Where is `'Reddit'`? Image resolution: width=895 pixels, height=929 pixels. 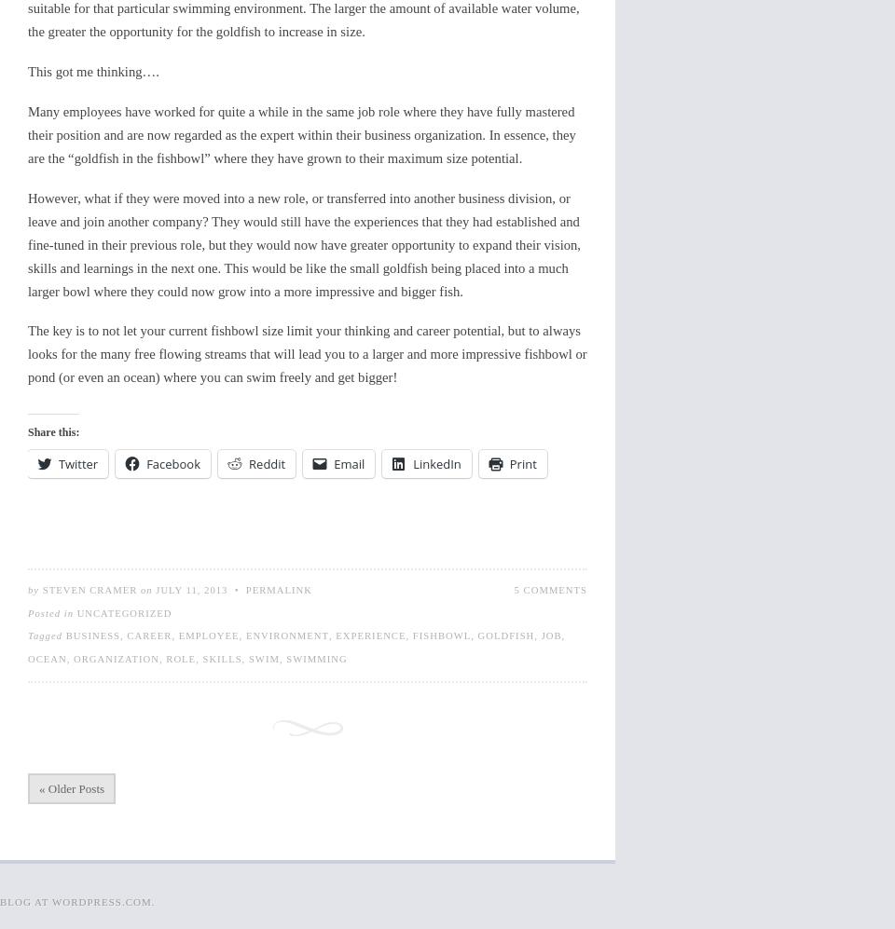
'Reddit' is located at coordinates (266, 463).